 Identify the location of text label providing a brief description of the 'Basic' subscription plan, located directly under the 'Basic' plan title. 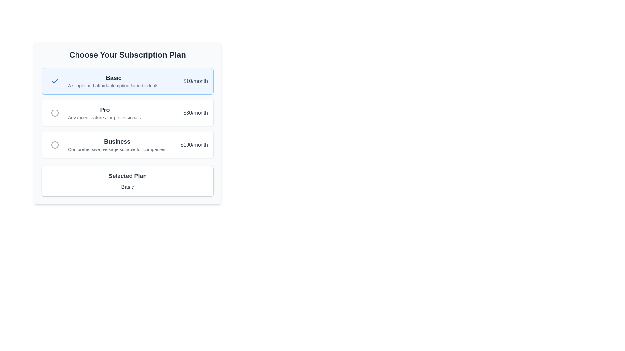
(114, 85).